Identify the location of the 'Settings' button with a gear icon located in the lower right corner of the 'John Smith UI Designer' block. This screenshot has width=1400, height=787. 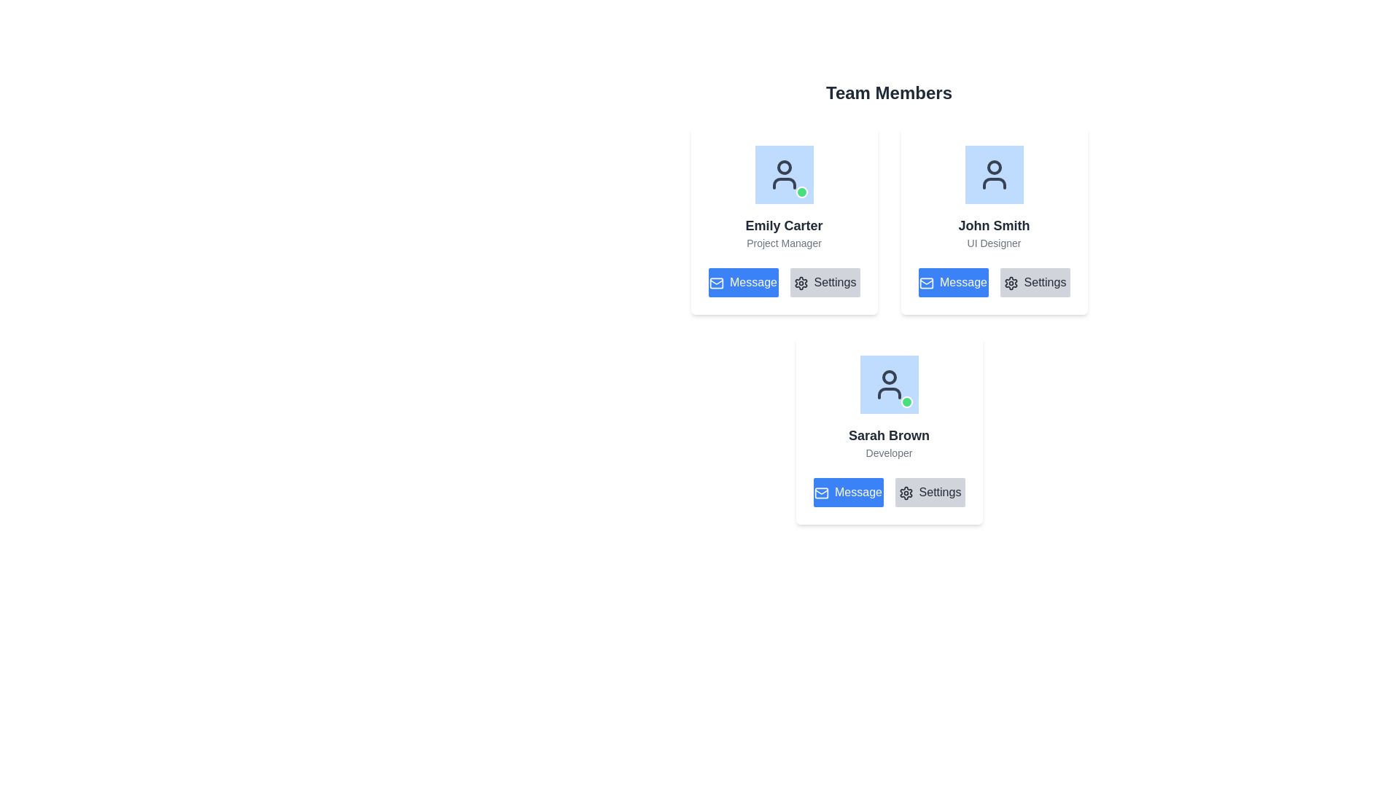
(1034, 283).